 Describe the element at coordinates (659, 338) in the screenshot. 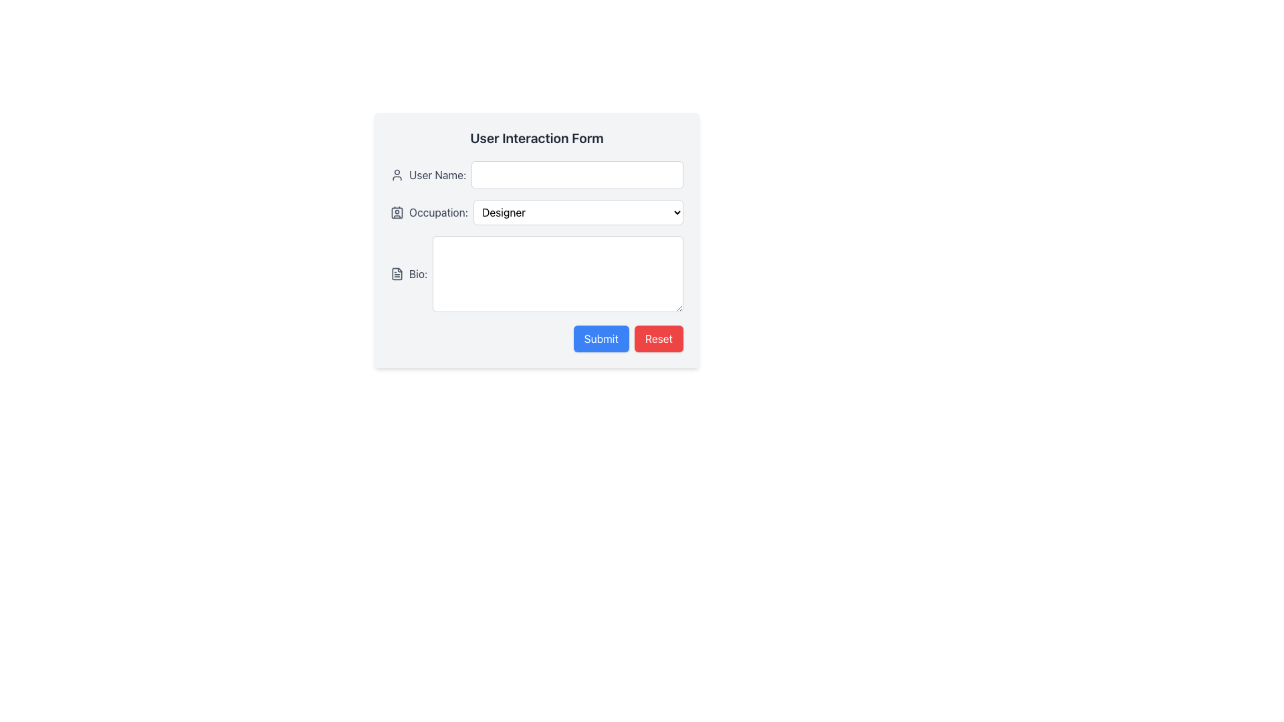

I see `the 'Reset' button, which is a rectangular button with bold white text on a vibrant red background, positioned next to the 'Submit' button in the button group at the bottom-right of the form` at that location.